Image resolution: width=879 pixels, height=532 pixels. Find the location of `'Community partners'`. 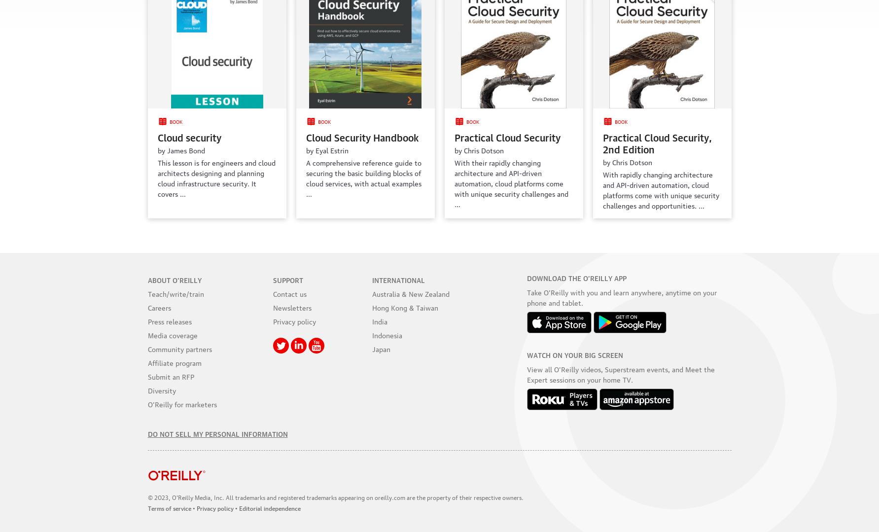

'Community partners' is located at coordinates (179, 348).